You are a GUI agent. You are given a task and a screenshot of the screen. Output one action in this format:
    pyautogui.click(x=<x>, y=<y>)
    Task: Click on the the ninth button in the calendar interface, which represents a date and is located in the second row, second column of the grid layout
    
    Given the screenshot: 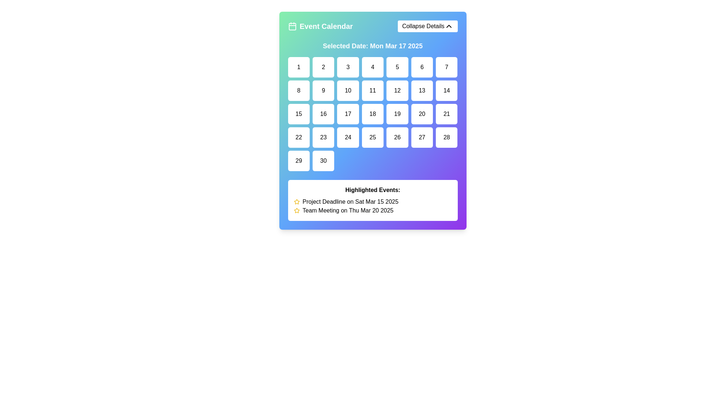 What is the action you would take?
    pyautogui.click(x=323, y=90)
    